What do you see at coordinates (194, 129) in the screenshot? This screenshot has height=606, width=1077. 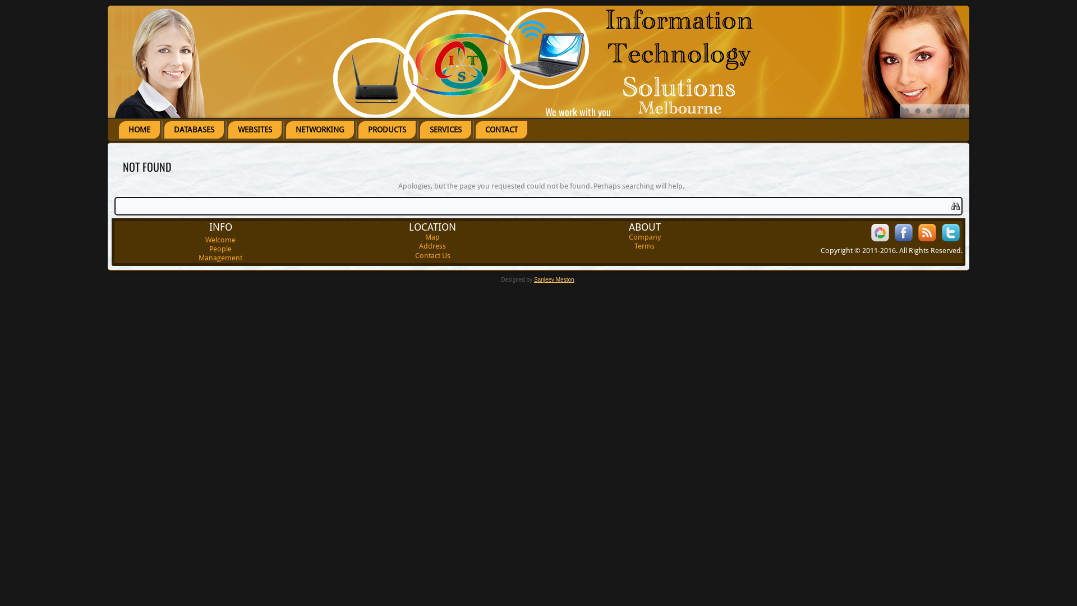 I see `'DATABASES'` at bounding box center [194, 129].